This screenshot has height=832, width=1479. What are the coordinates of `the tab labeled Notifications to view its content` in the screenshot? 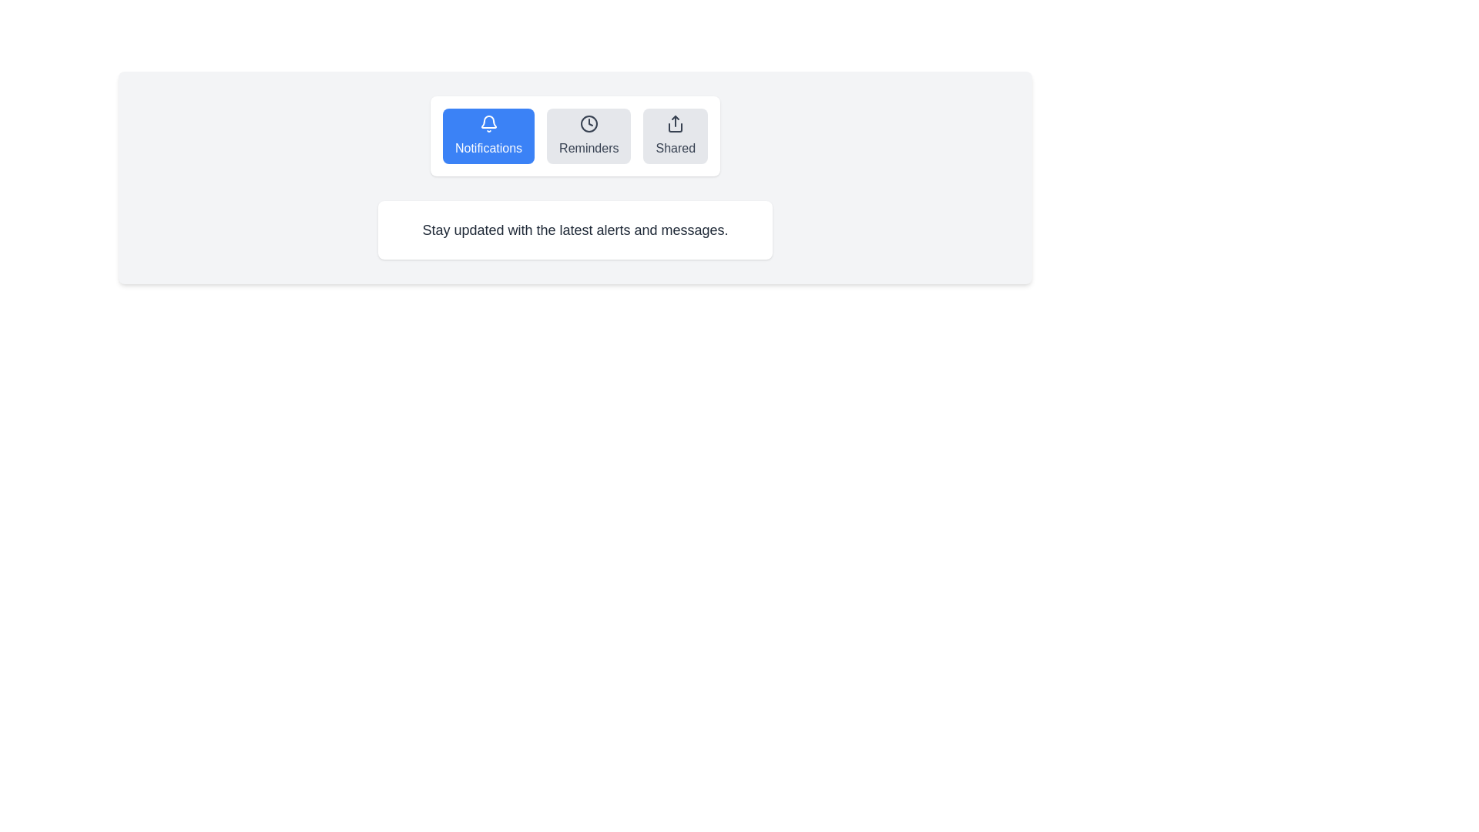 It's located at (488, 136).